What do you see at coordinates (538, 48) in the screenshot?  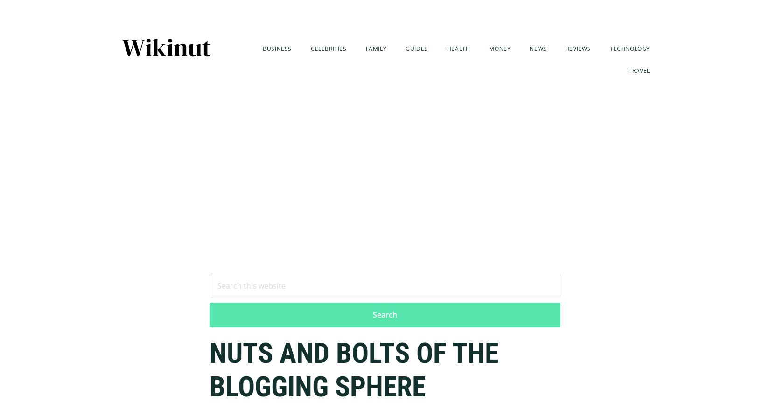 I see `'News'` at bounding box center [538, 48].